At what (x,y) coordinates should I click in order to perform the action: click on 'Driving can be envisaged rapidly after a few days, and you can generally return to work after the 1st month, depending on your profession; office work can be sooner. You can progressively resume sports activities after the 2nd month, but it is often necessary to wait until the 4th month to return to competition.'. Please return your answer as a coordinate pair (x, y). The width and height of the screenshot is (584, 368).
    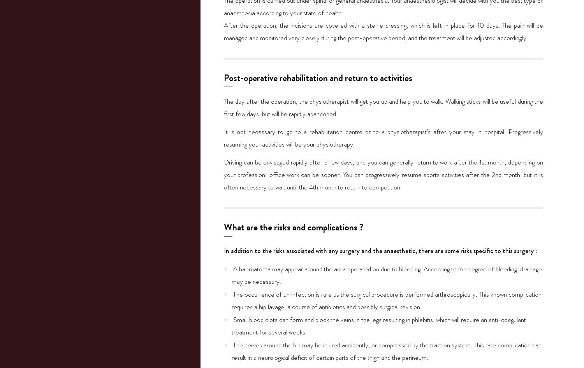
    Looking at the image, I should click on (223, 173).